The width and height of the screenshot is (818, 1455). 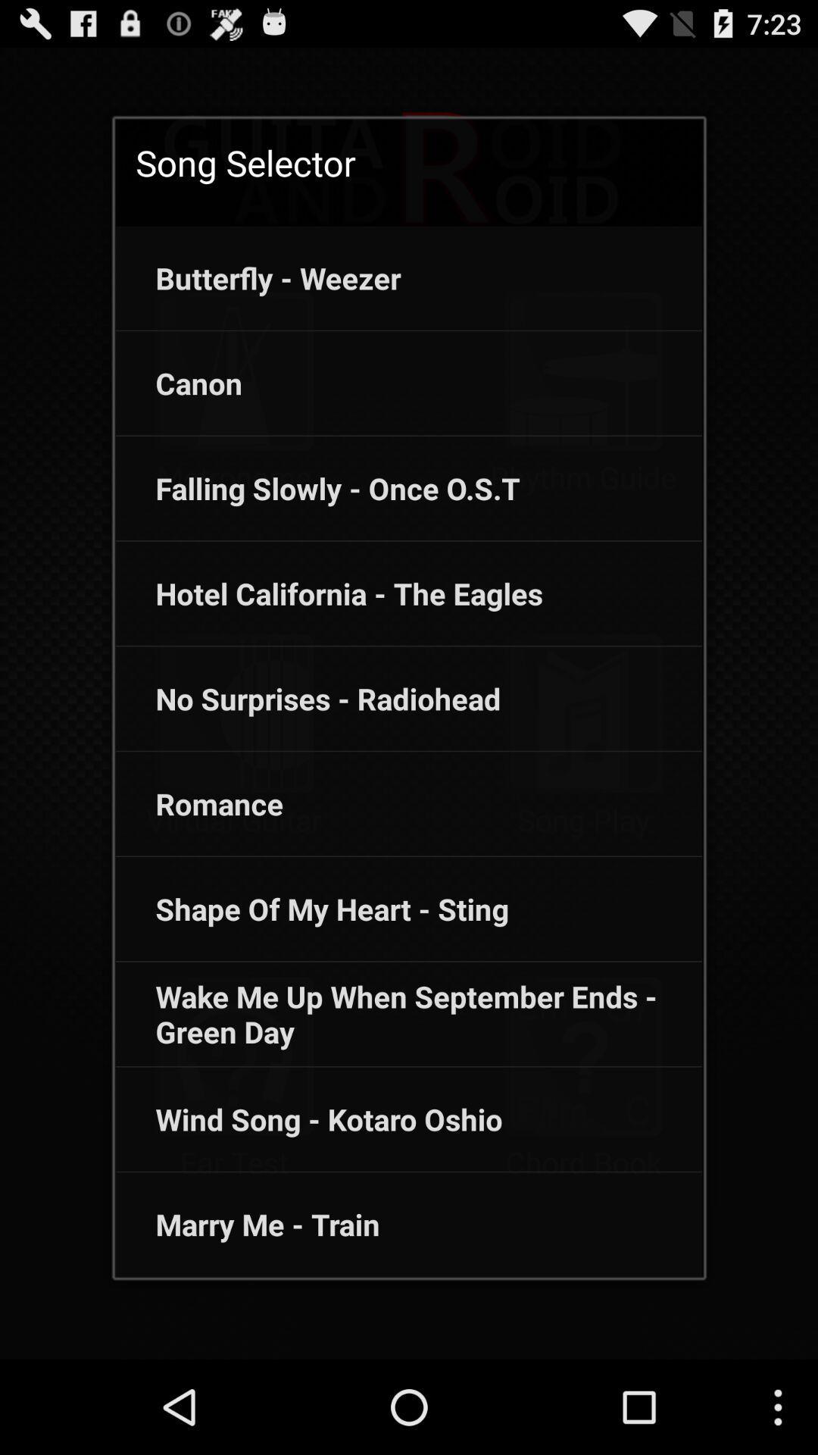 I want to click on the canon, so click(x=178, y=383).